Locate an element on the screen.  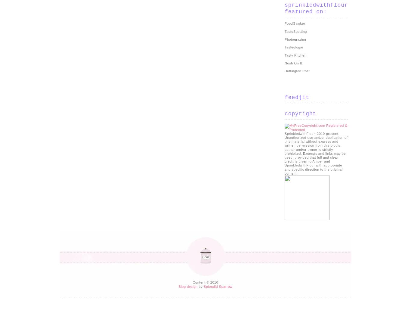
'Splendid Sparrow' is located at coordinates (218, 286).